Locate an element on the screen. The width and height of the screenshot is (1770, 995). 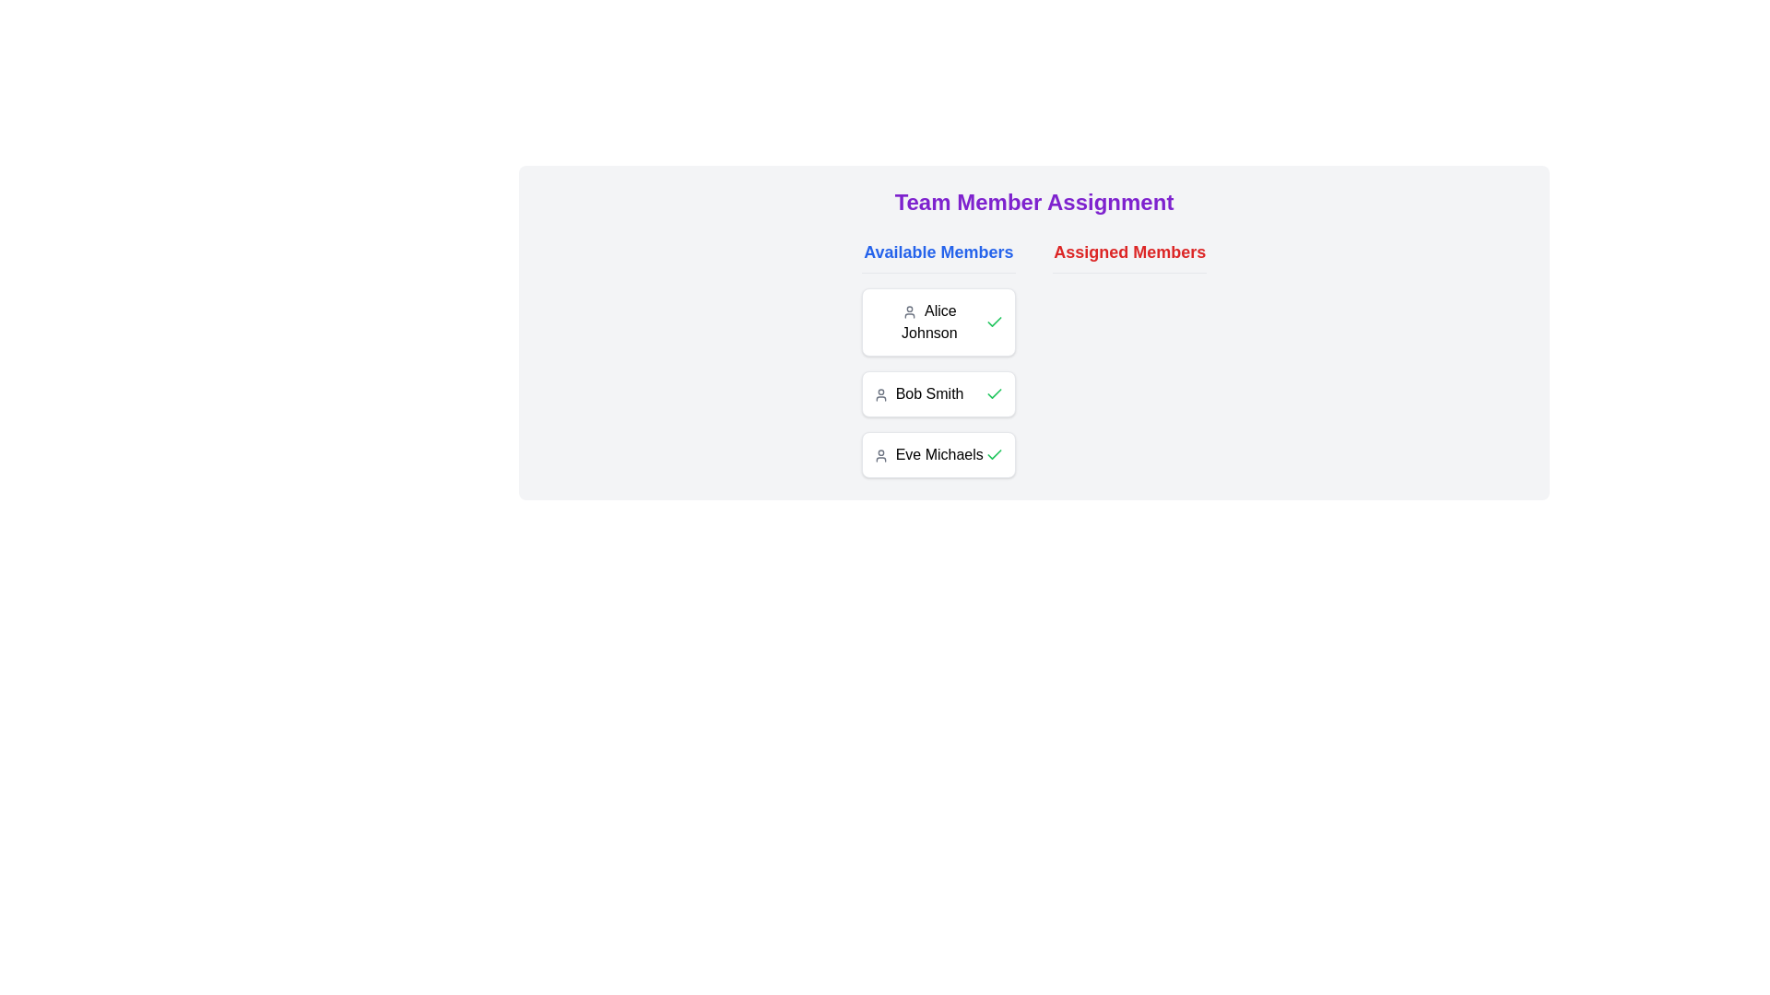
the text label 'Bob Smith', which is the second item in the 'Available Members' section, styled with a medium weight font and aligned to the right of a user profile icon is located at coordinates (929, 392).